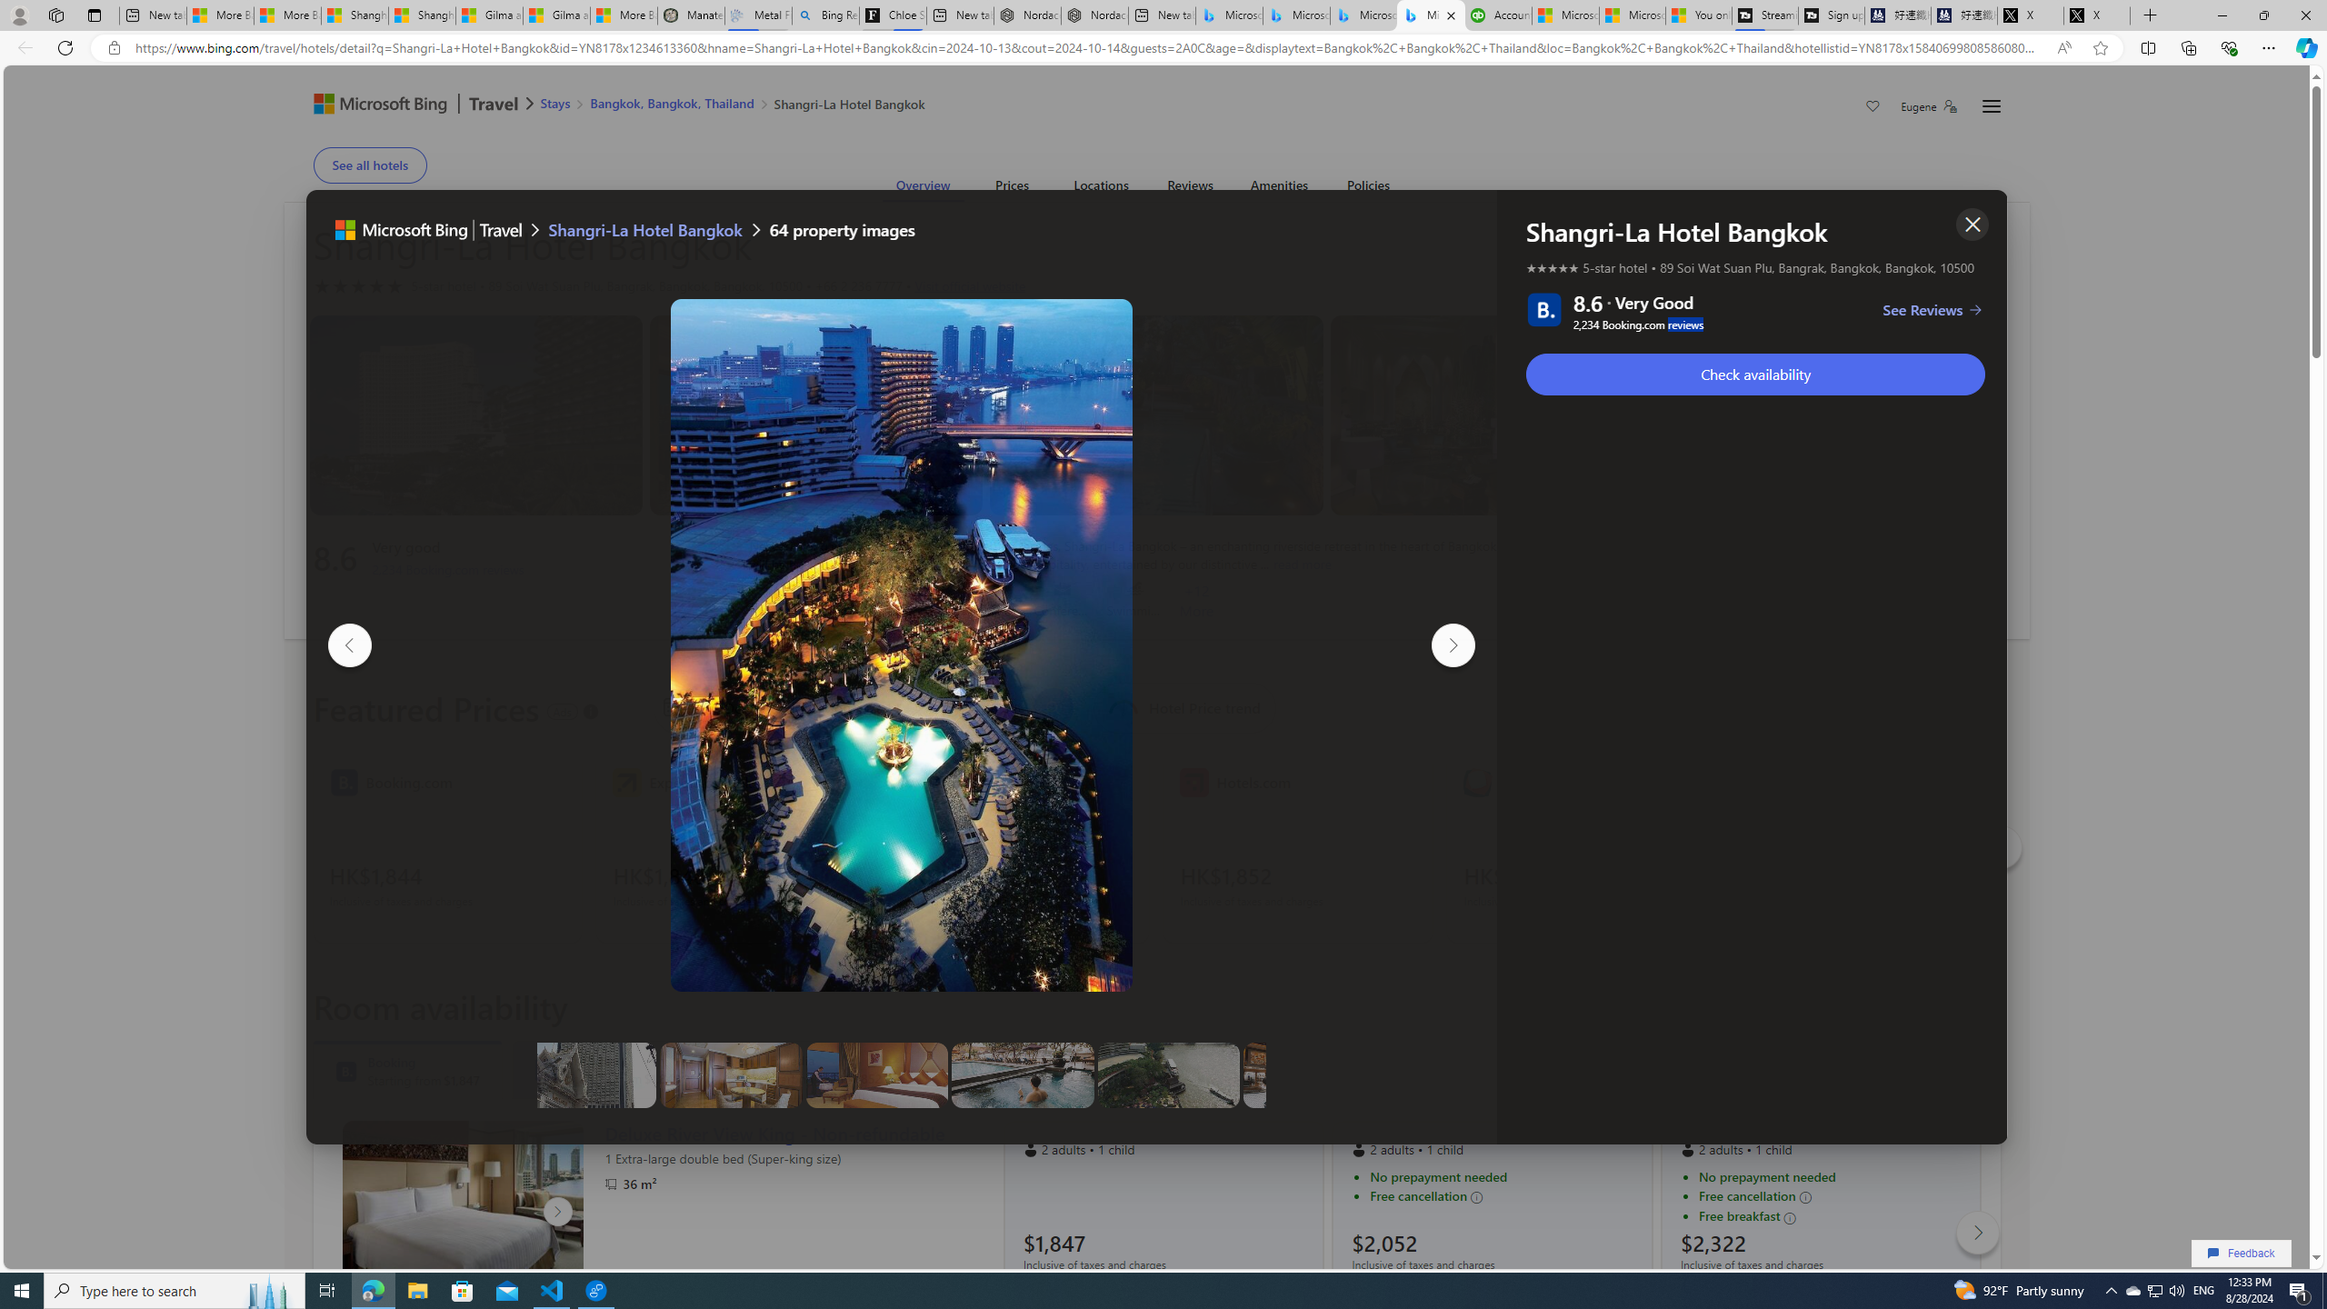 Image resolution: width=2327 pixels, height=1309 pixels. What do you see at coordinates (690, 15) in the screenshot?
I see `'Manatee Mortality Statistics | FWC'` at bounding box center [690, 15].